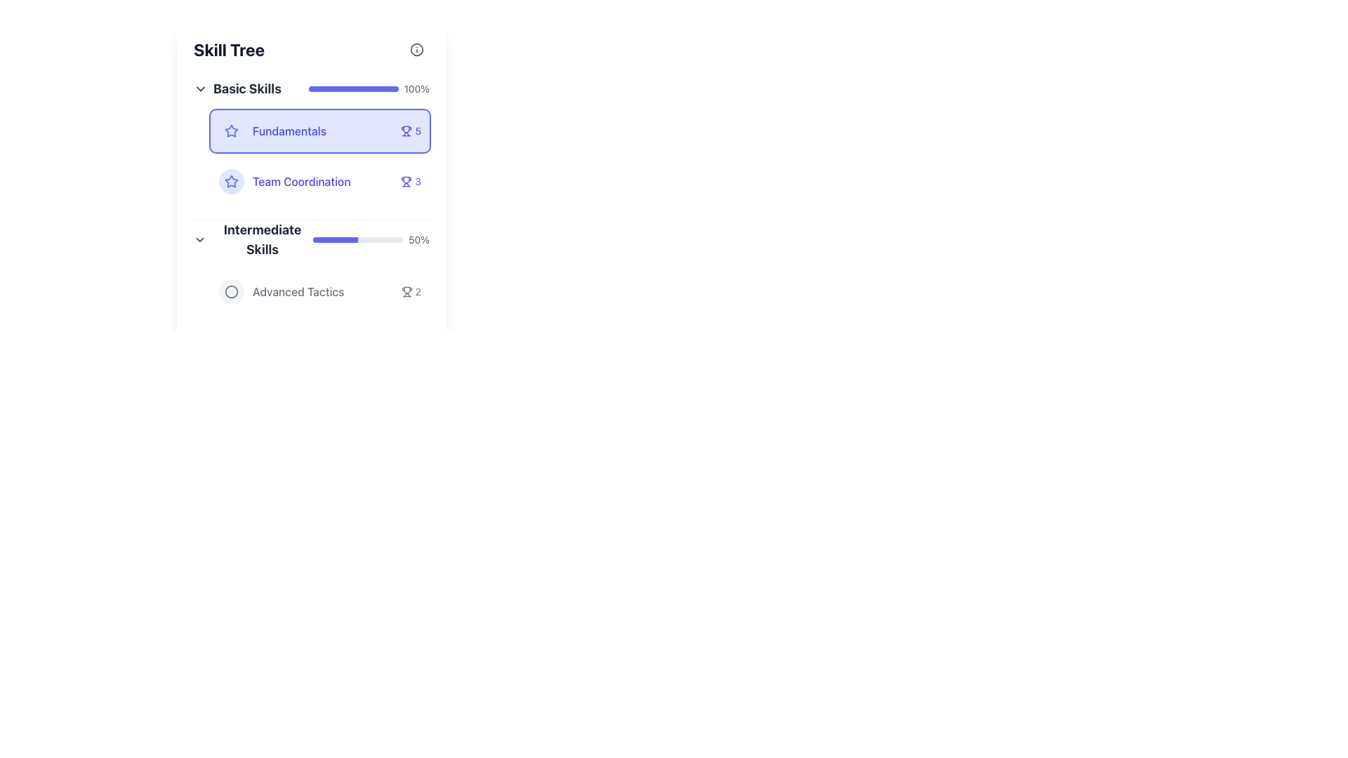  I want to click on the text label in the 'Skill Tree' interface that corresponds to the second item under the 'Basic Skills' section, located between a star icon and a numerical indicator, so click(300, 180).